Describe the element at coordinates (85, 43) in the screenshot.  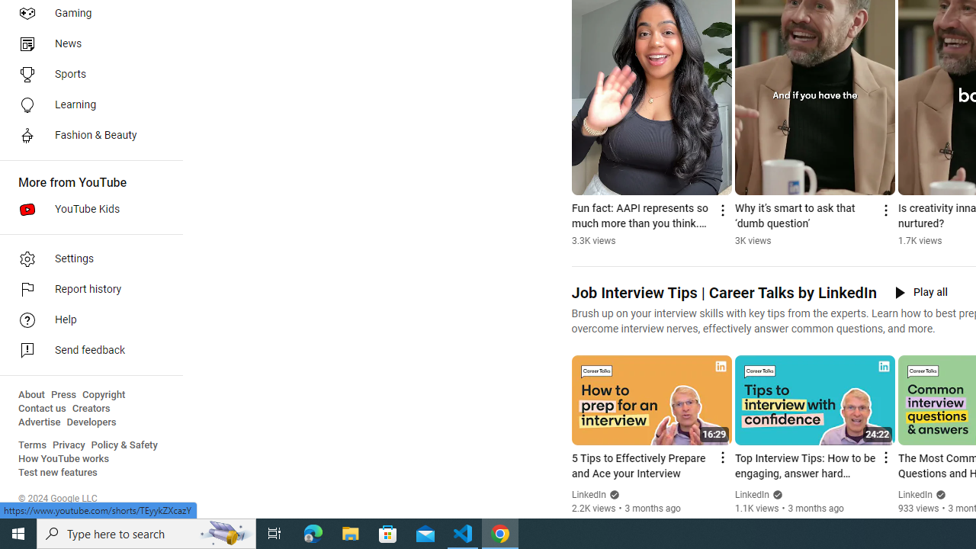
I see `'News'` at that location.